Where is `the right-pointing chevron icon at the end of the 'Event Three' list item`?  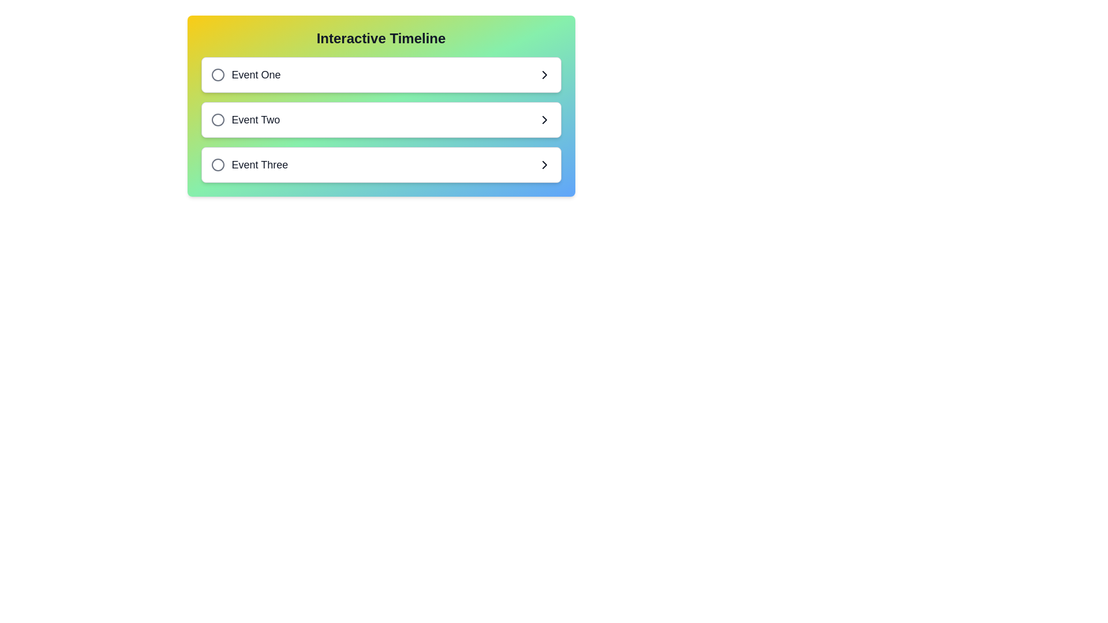
the right-pointing chevron icon at the end of the 'Event Three' list item is located at coordinates (544, 164).